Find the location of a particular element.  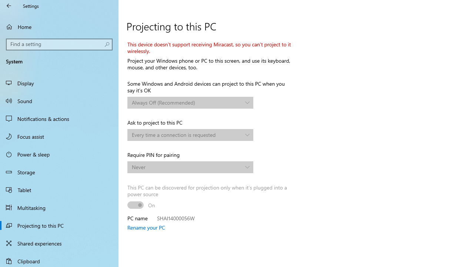

'Home' is located at coordinates (59, 26).